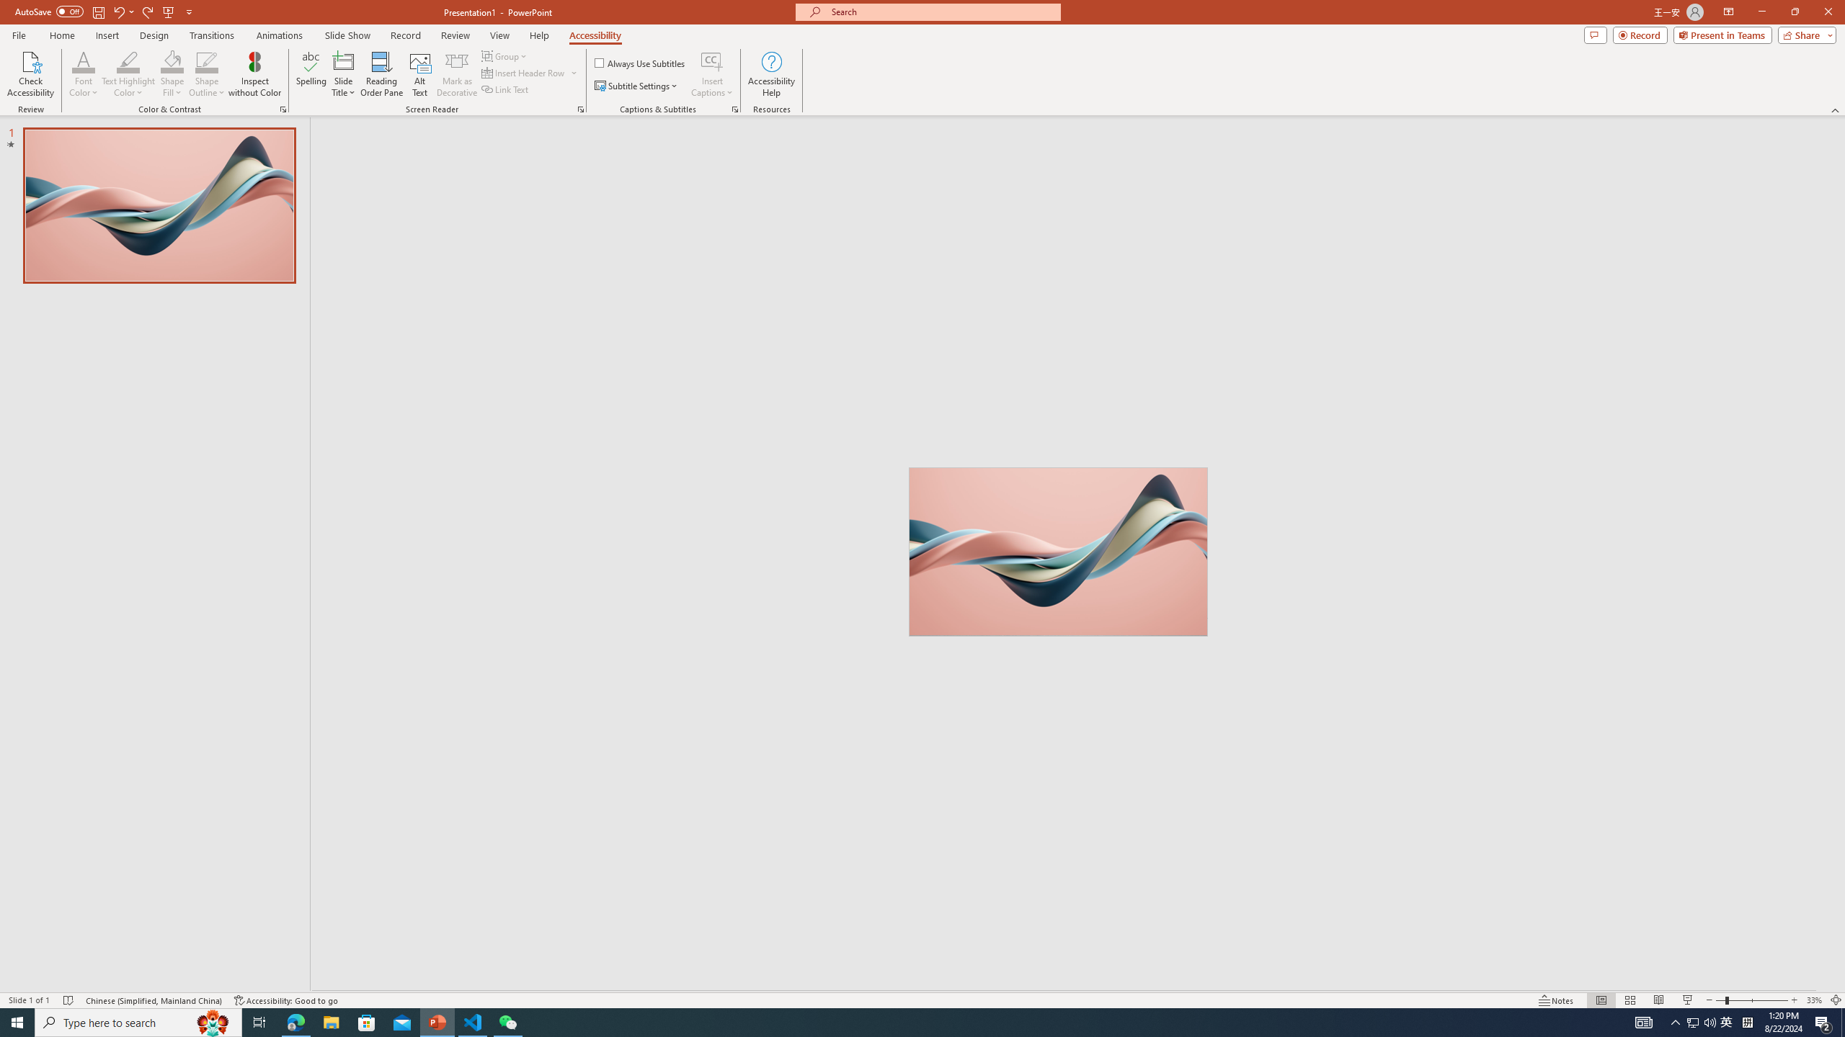 The width and height of the screenshot is (1845, 1037). What do you see at coordinates (637, 85) in the screenshot?
I see `'Subtitle Settings'` at bounding box center [637, 85].